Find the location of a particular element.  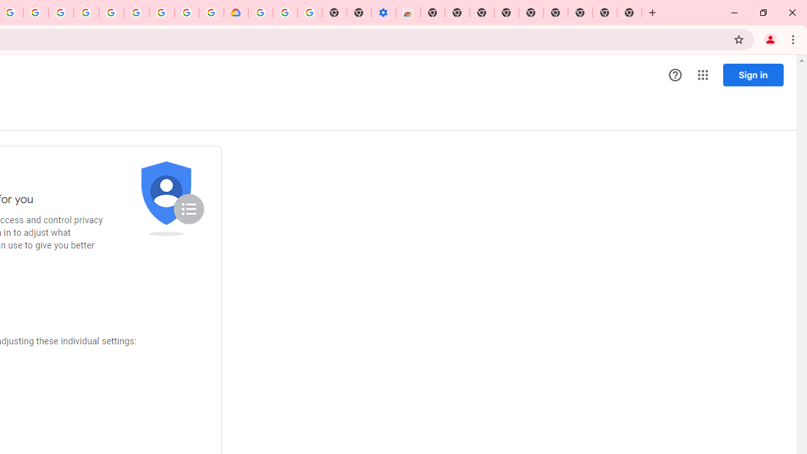

'Turn cookies on or off - Computer - Google Account Help' is located at coordinates (310, 13).